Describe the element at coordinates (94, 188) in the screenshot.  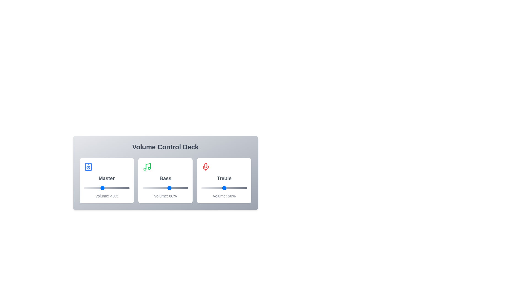
I see `the Master volume slider to 22%` at that location.